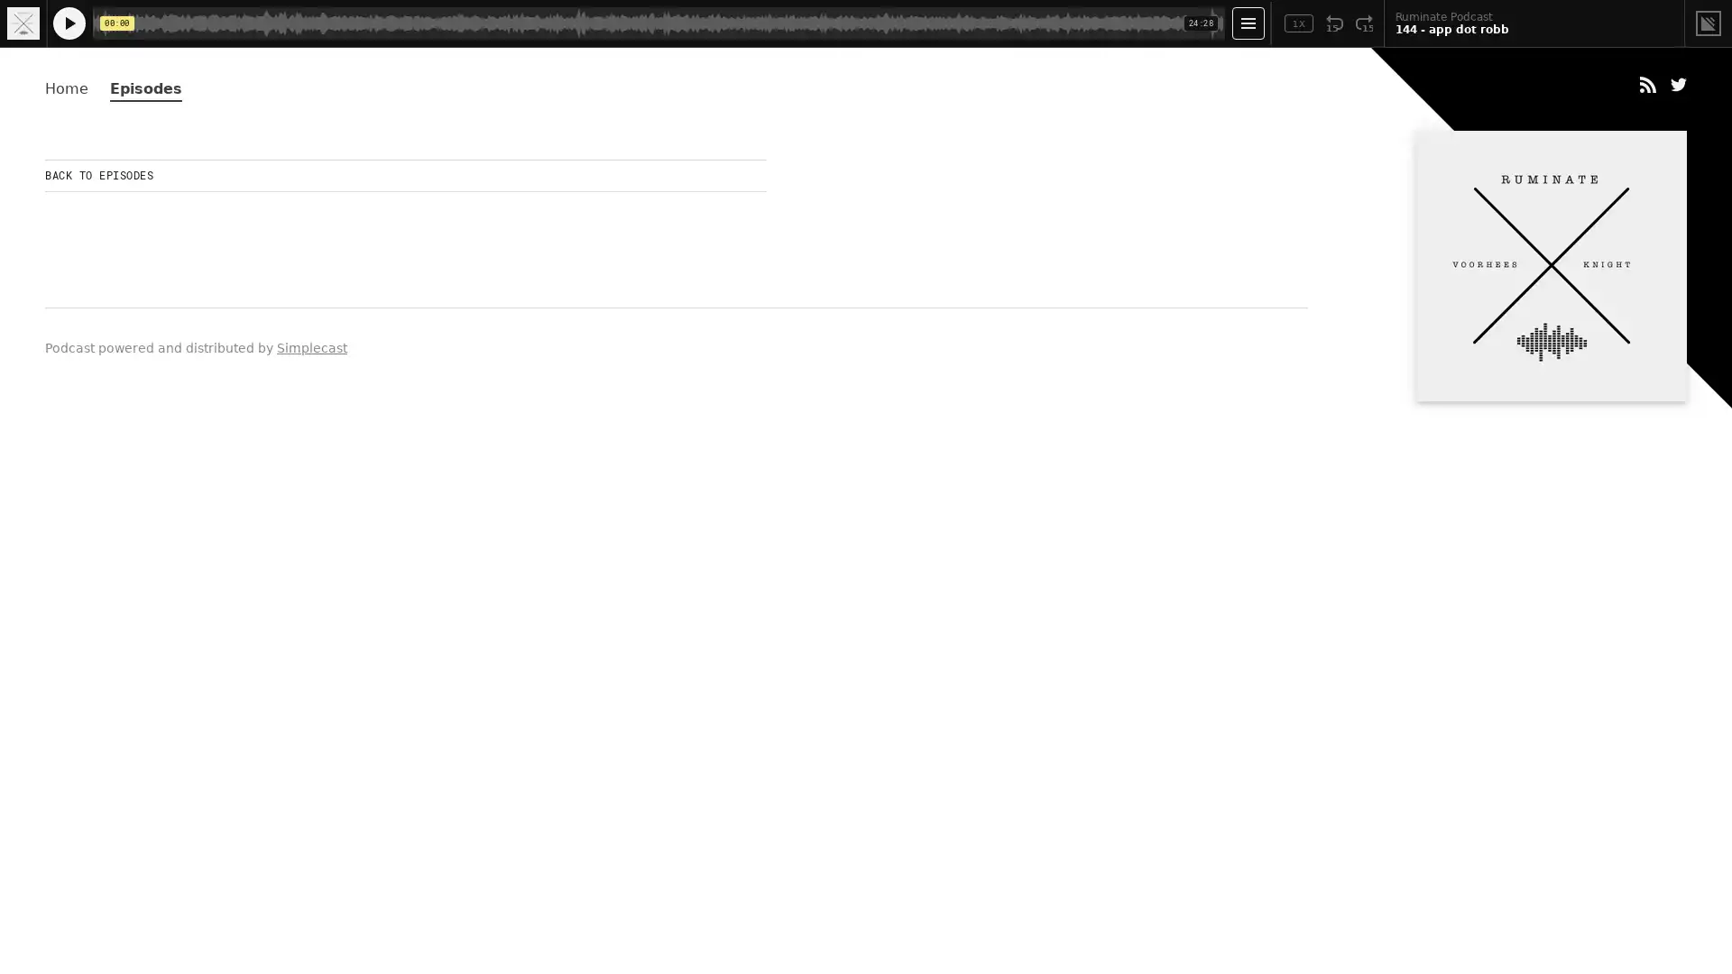 This screenshot has width=1732, height=974. What do you see at coordinates (1247, 23) in the screenshot?
I see `Open Player Settings` at bounding box center [1247, 23].